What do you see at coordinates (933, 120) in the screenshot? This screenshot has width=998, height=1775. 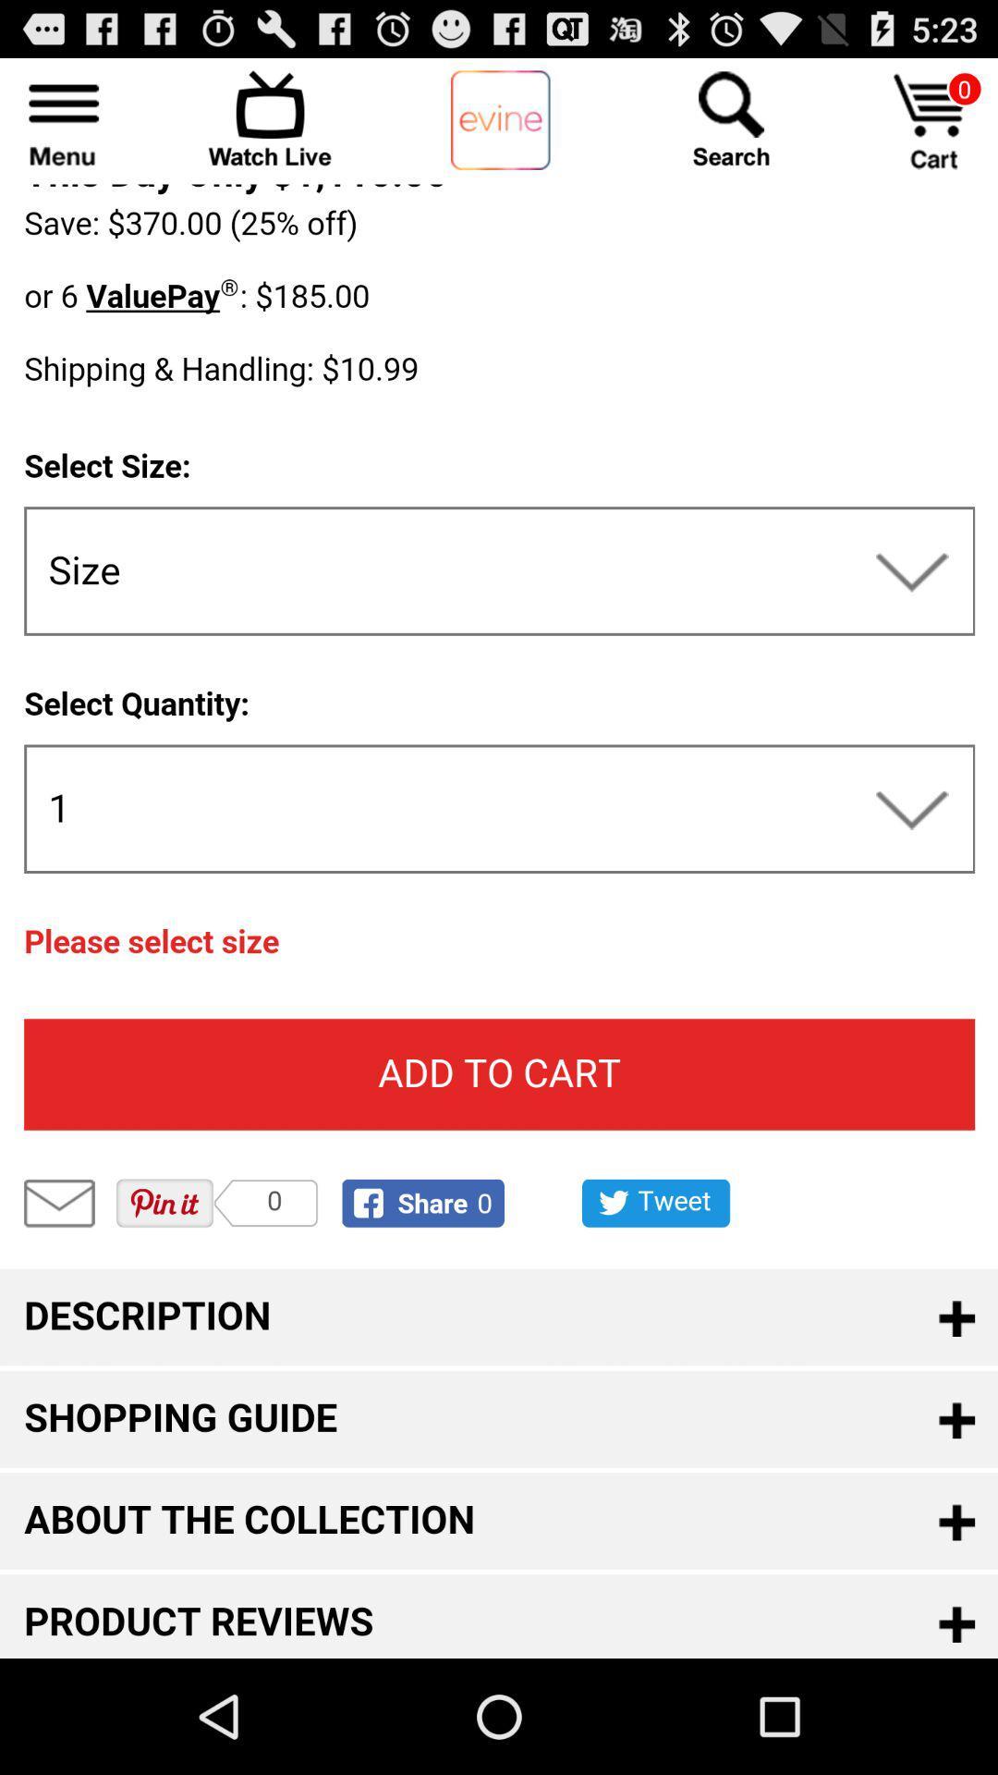 I see `purchase` at bounding box center [933, 120].